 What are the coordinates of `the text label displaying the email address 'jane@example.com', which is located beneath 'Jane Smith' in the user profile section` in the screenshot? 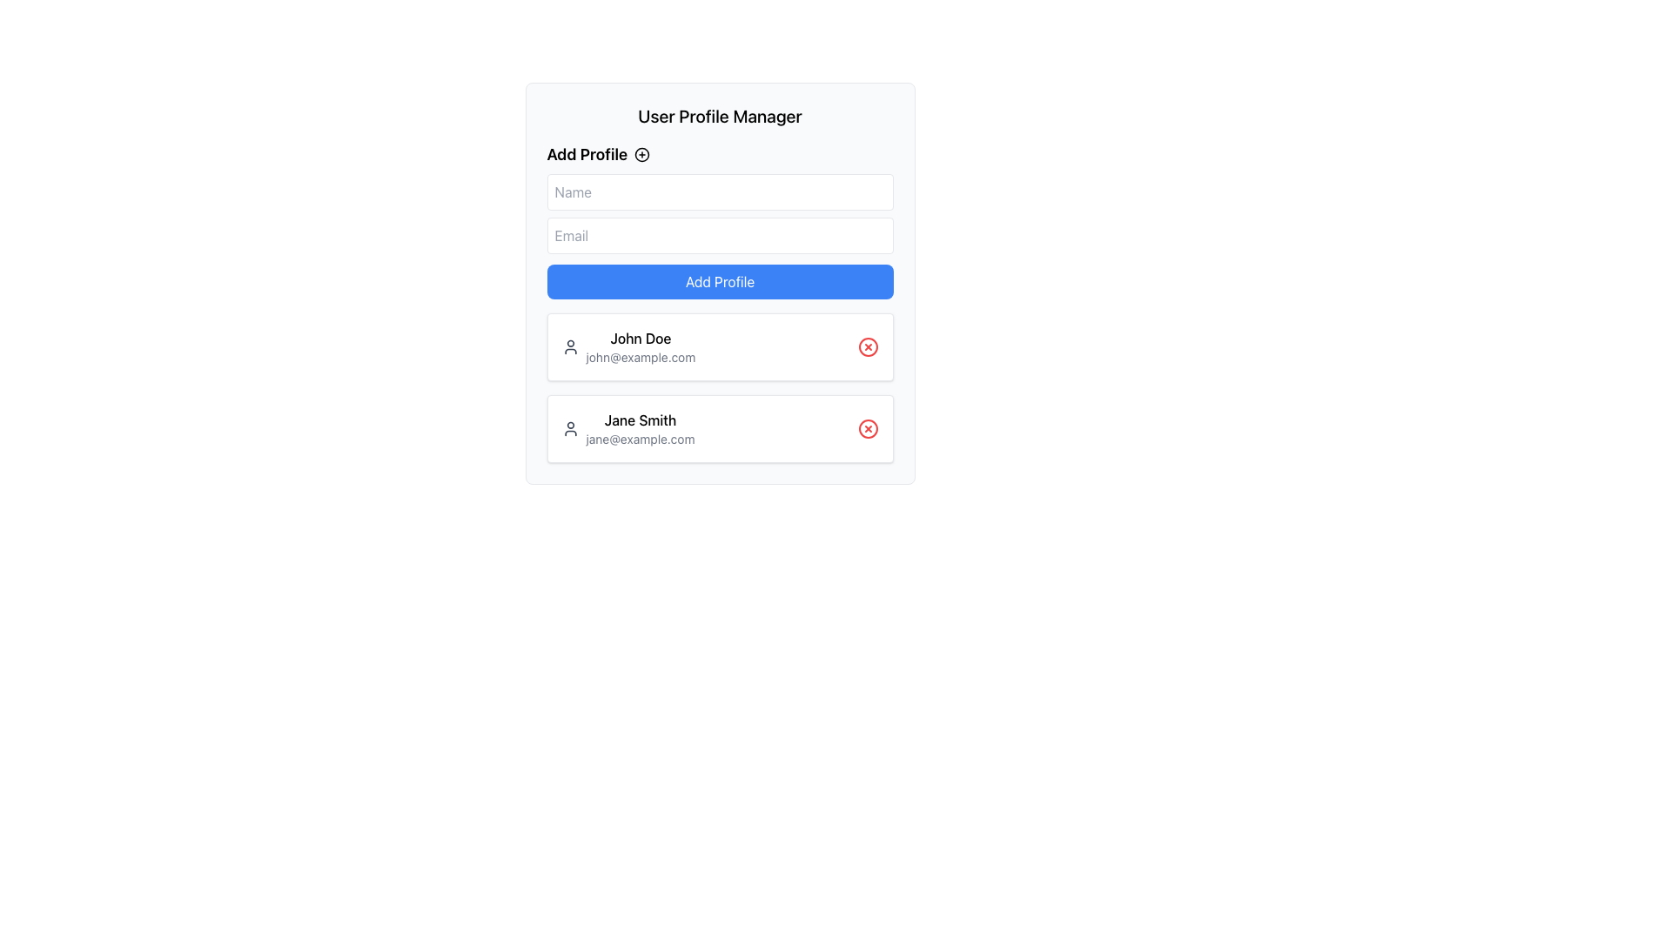 It's located at (639, 439).